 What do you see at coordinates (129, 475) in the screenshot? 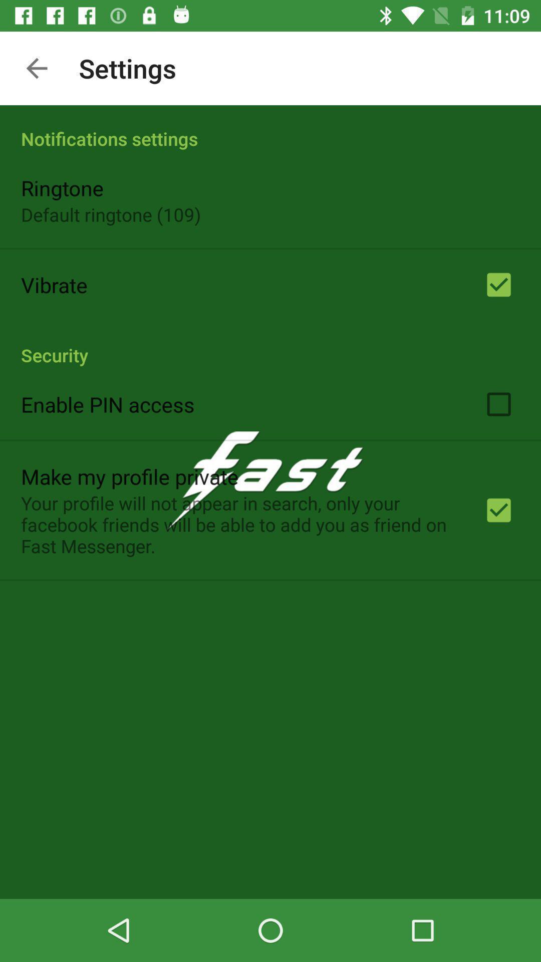
I see `app above the your profile will item` at bounding box center [129, 475].